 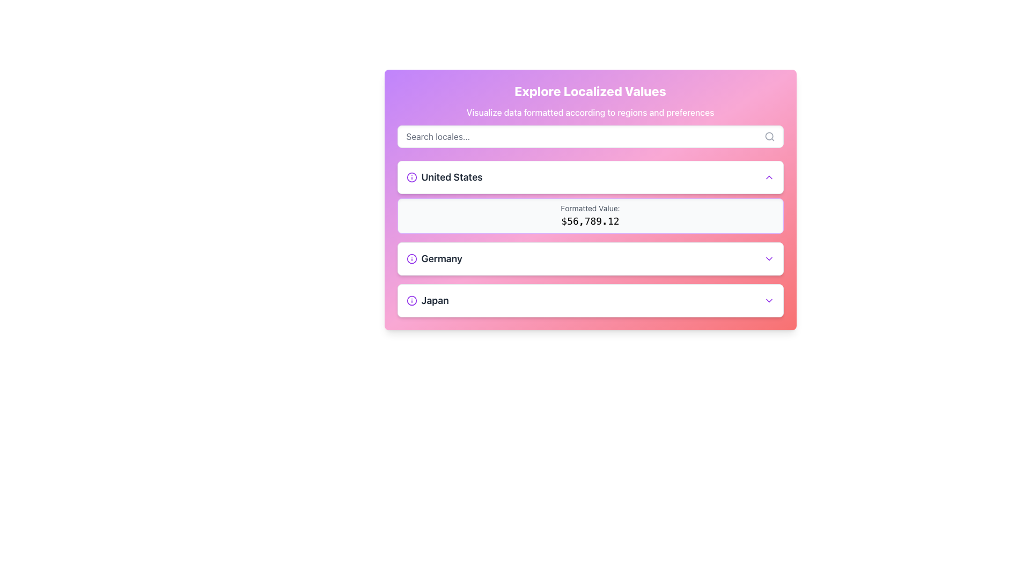 I want to click on the text label displaying 'Germany' which is prominently styled in bold dark gray color, located in the third row of the main user interface next to a purple circular icon, so click(x=442, y=258).